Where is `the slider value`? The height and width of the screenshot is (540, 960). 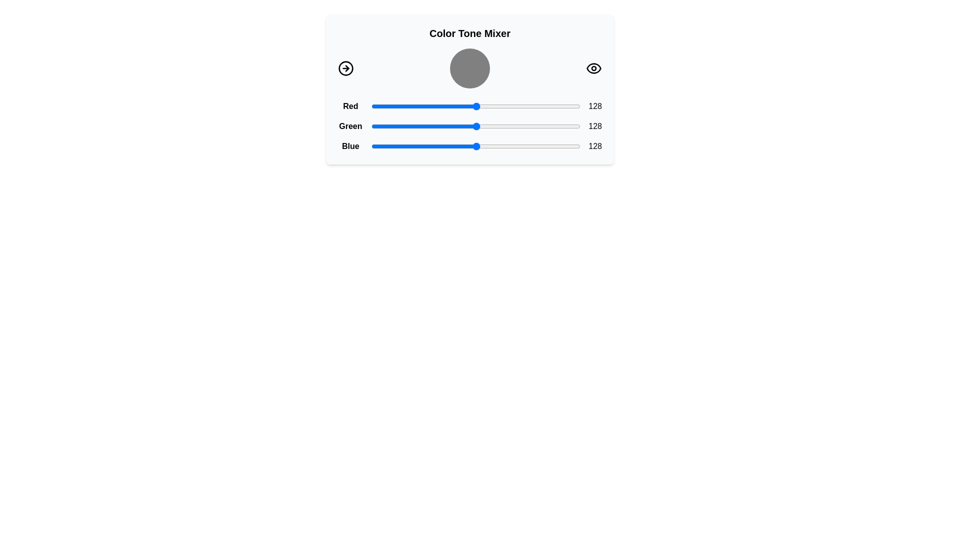
the slider value is located at coordinates (536, 146).